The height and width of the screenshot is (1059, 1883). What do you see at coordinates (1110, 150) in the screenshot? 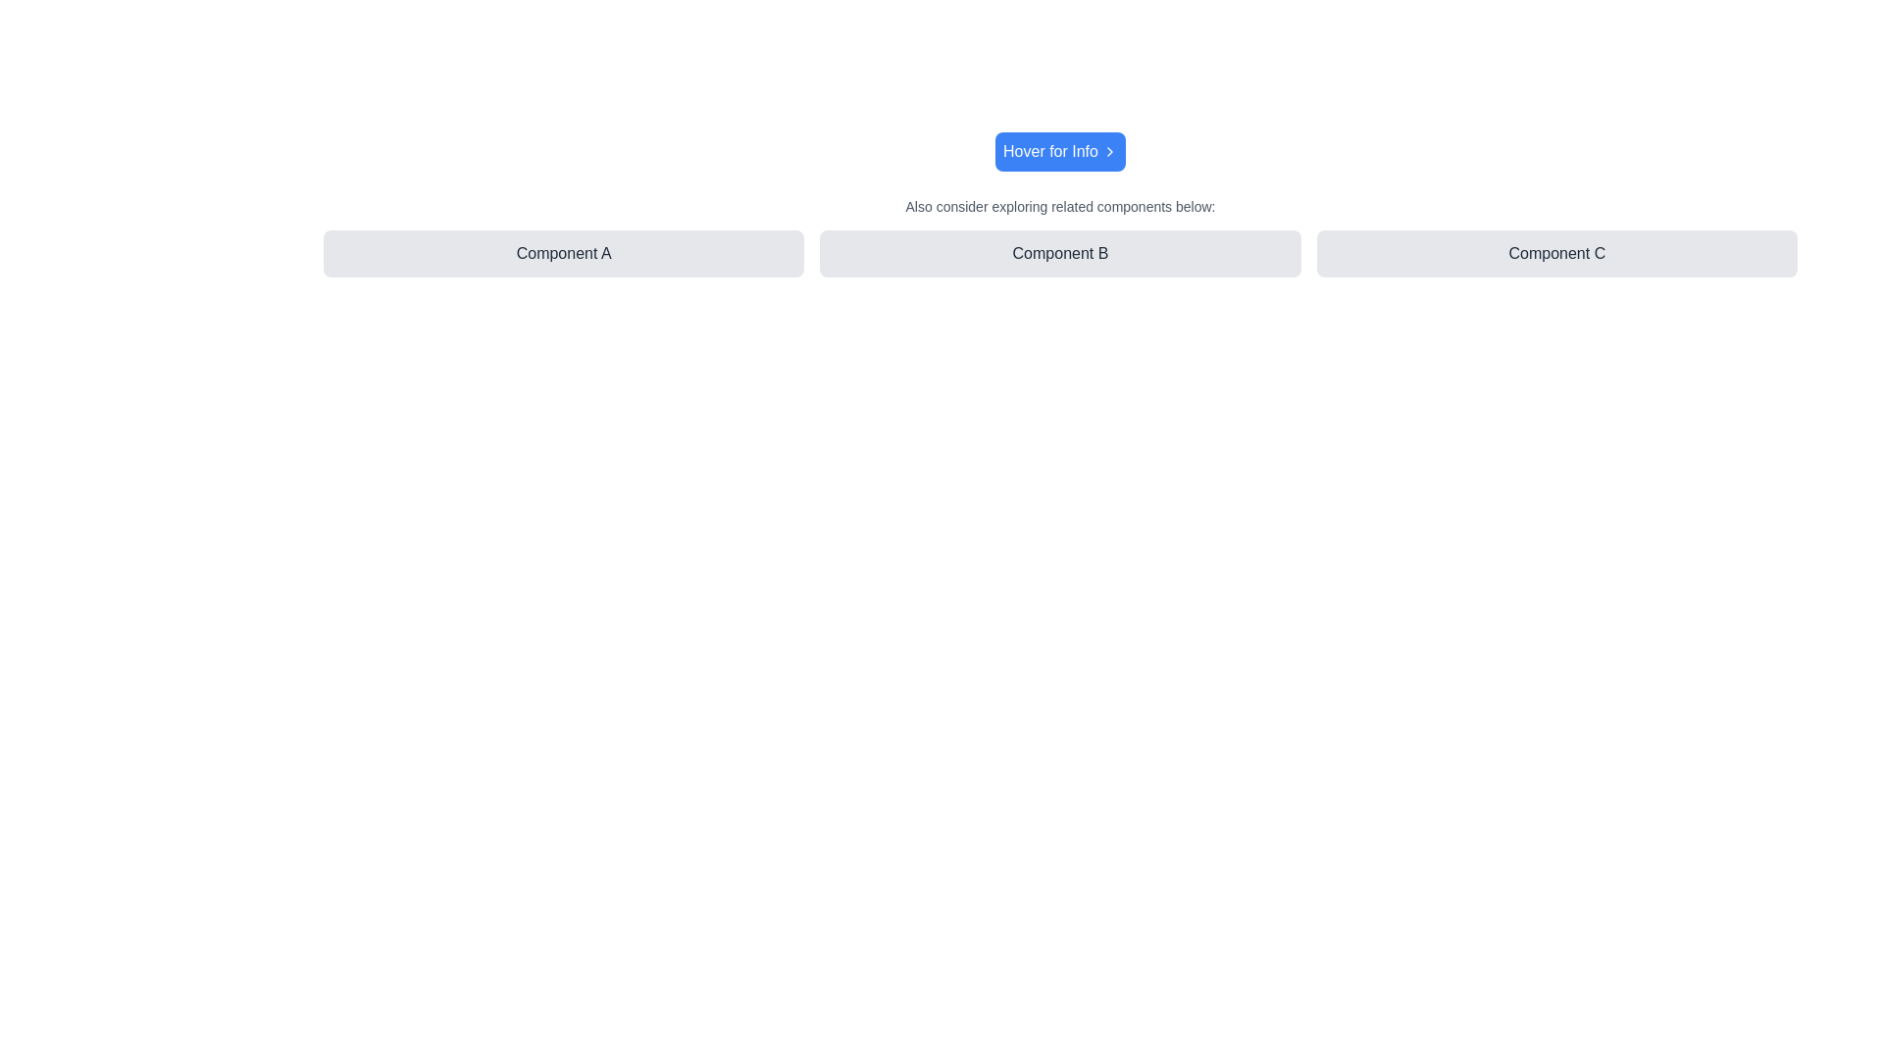
I see `the right-facing chevron icon next to the 'Hover for Info' text within the blue rectangular button` at bounding box center [1110, 150].